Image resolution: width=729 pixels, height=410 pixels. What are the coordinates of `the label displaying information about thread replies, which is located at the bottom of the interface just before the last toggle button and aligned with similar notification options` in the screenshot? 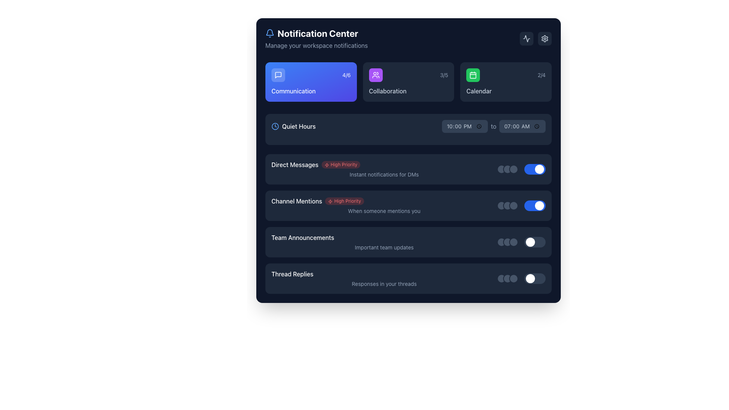 It's located at (384, 278).